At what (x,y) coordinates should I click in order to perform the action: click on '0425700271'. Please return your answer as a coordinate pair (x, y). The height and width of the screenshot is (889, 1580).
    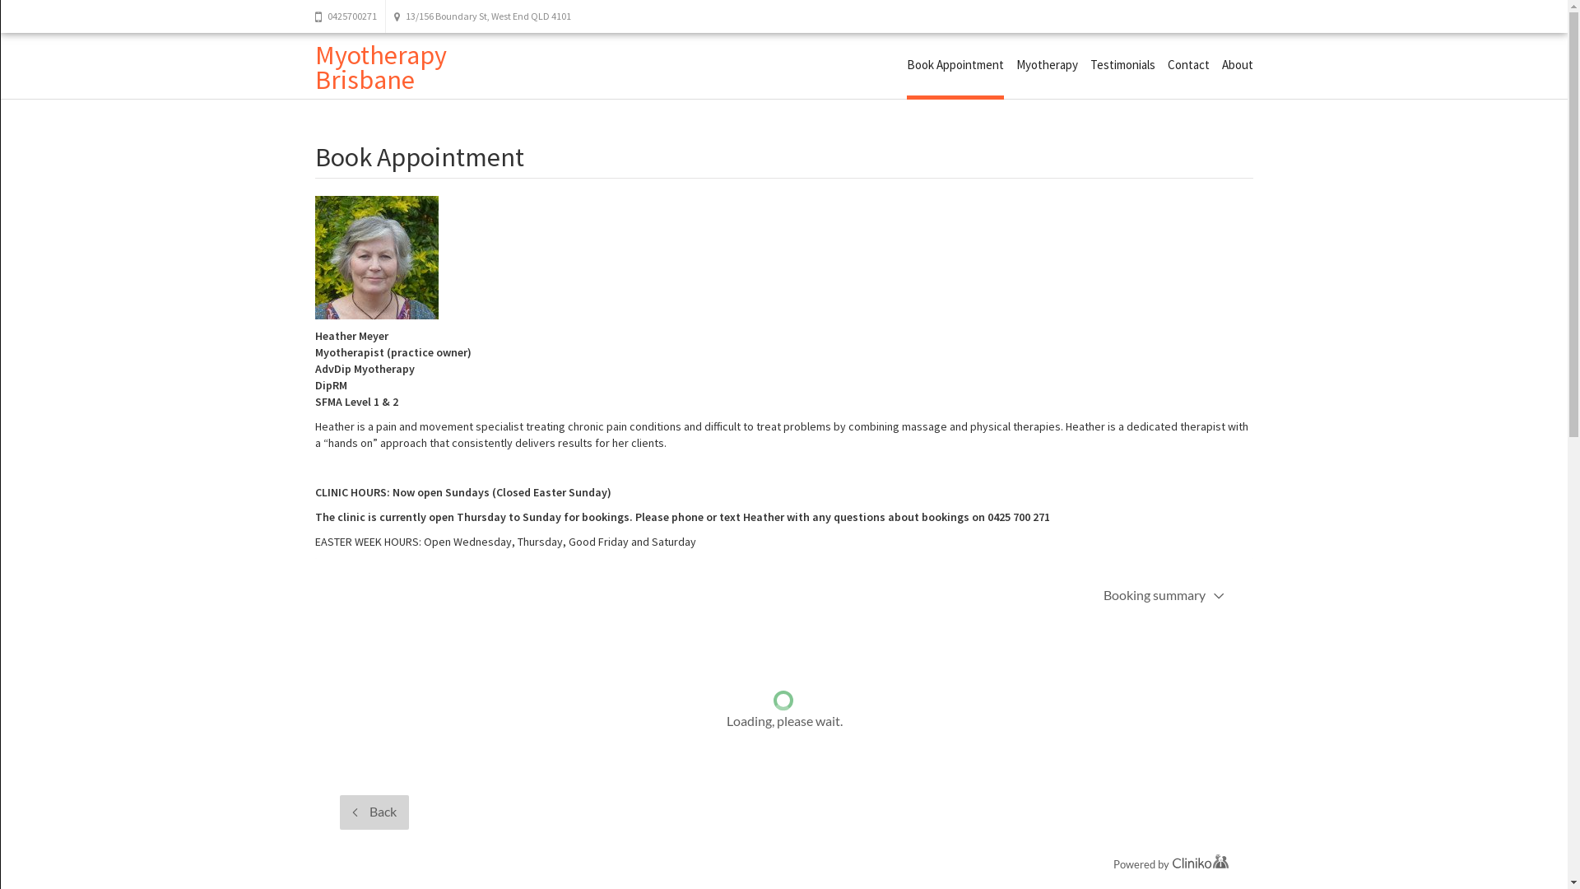
    Looking at the image, I should click on (349, 16).